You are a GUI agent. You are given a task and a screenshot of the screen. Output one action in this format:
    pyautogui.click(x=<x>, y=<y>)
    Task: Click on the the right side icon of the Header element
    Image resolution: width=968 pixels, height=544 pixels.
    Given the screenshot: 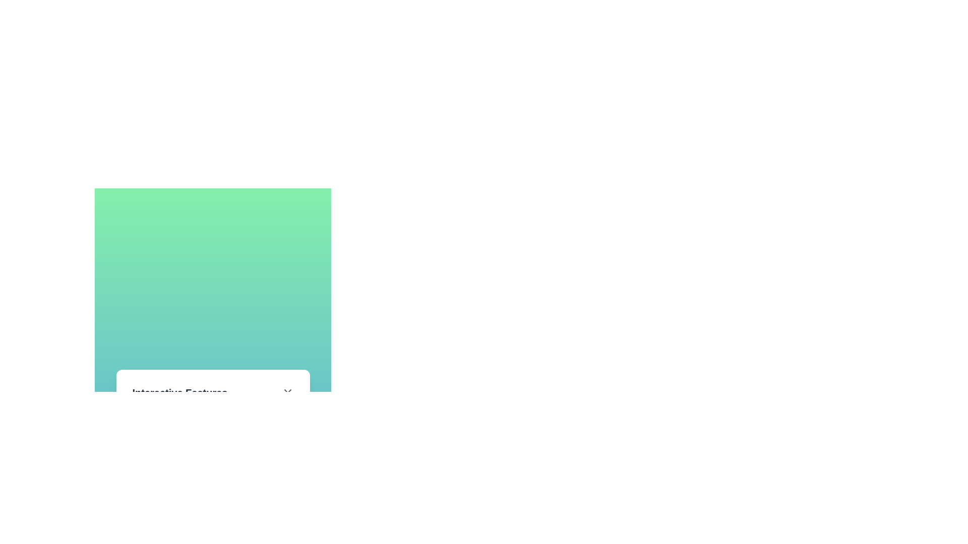 What is the action you would take?
    pyautogui.click(x=212, y=396)
    